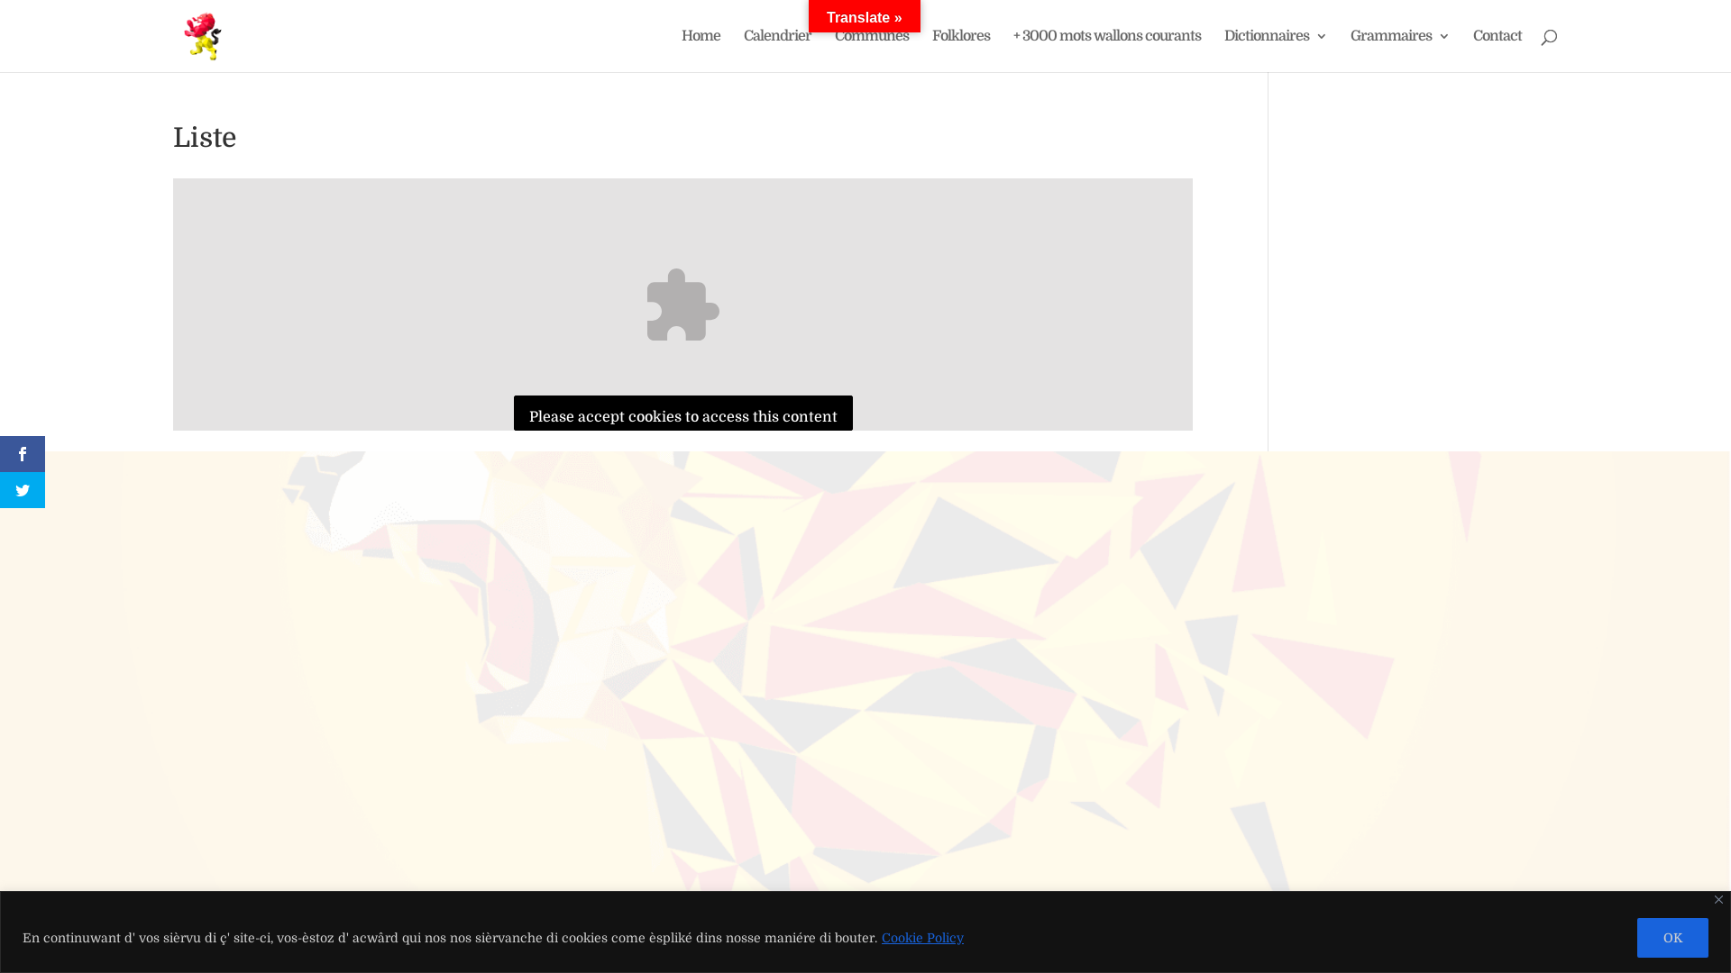  What do you see at coordinates (700, 50) in the screenshot?
I see `'Home'` at bounding box center [700, 50].